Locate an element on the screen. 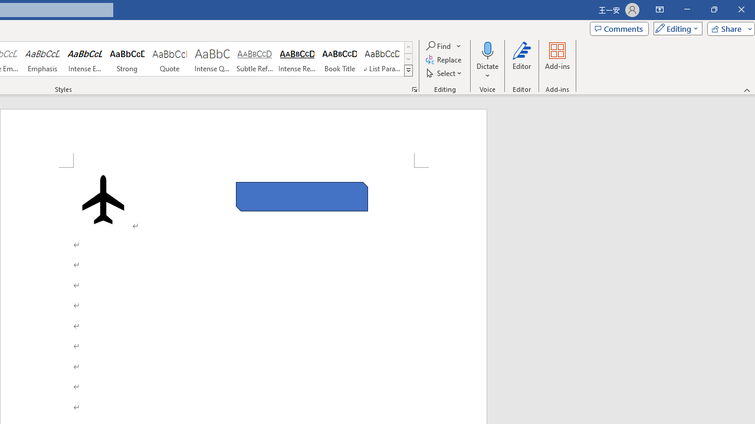 The height and width of the screenshot is (424, 755). 'Dictate' is located at coordinates (487, 49).